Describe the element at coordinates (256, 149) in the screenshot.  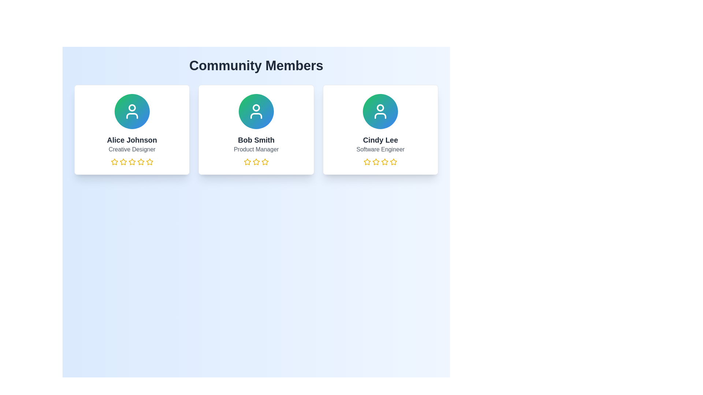
I see `the 'Product Manager' text label, which is styled in gray and positioned directly below 'Bob Smith' within the profile card in the 'Community Members' section` at that location.